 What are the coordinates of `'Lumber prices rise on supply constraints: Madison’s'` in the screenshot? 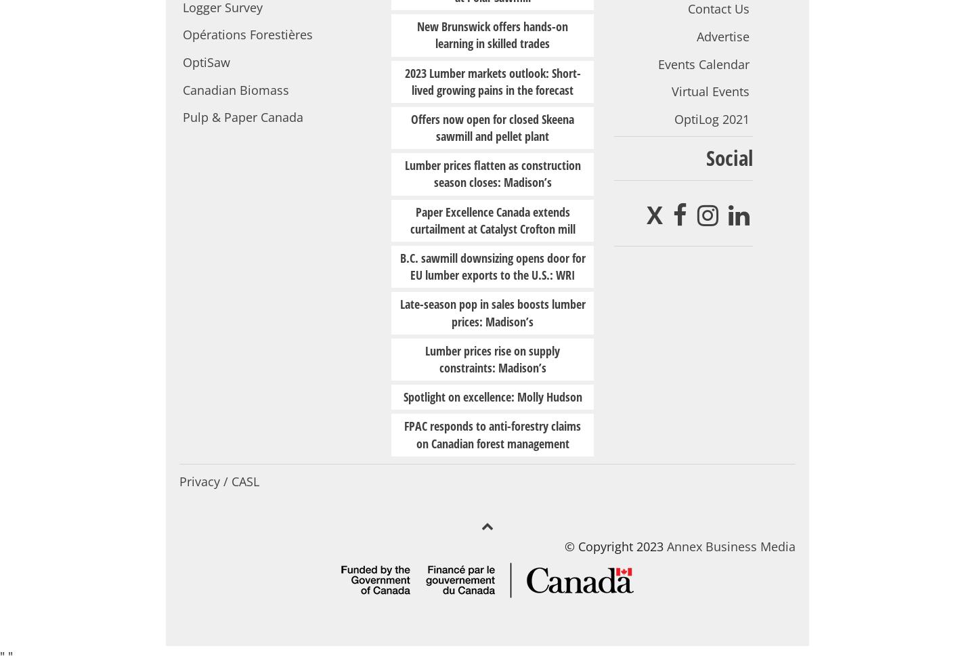 It's located at (424, 358).